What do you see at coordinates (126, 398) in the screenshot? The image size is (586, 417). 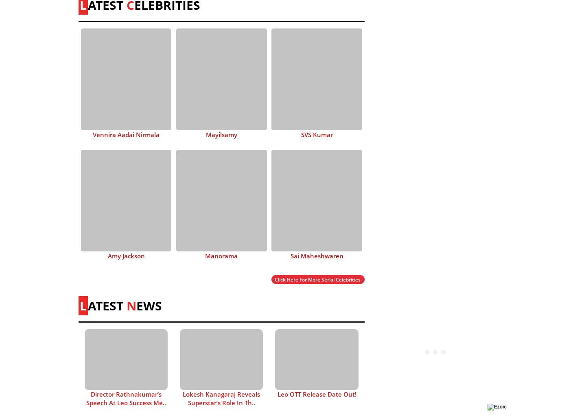 I see `'Director Rathnakumar’s Speech At Leo Success Me..'` at bounding box center [126, 398].